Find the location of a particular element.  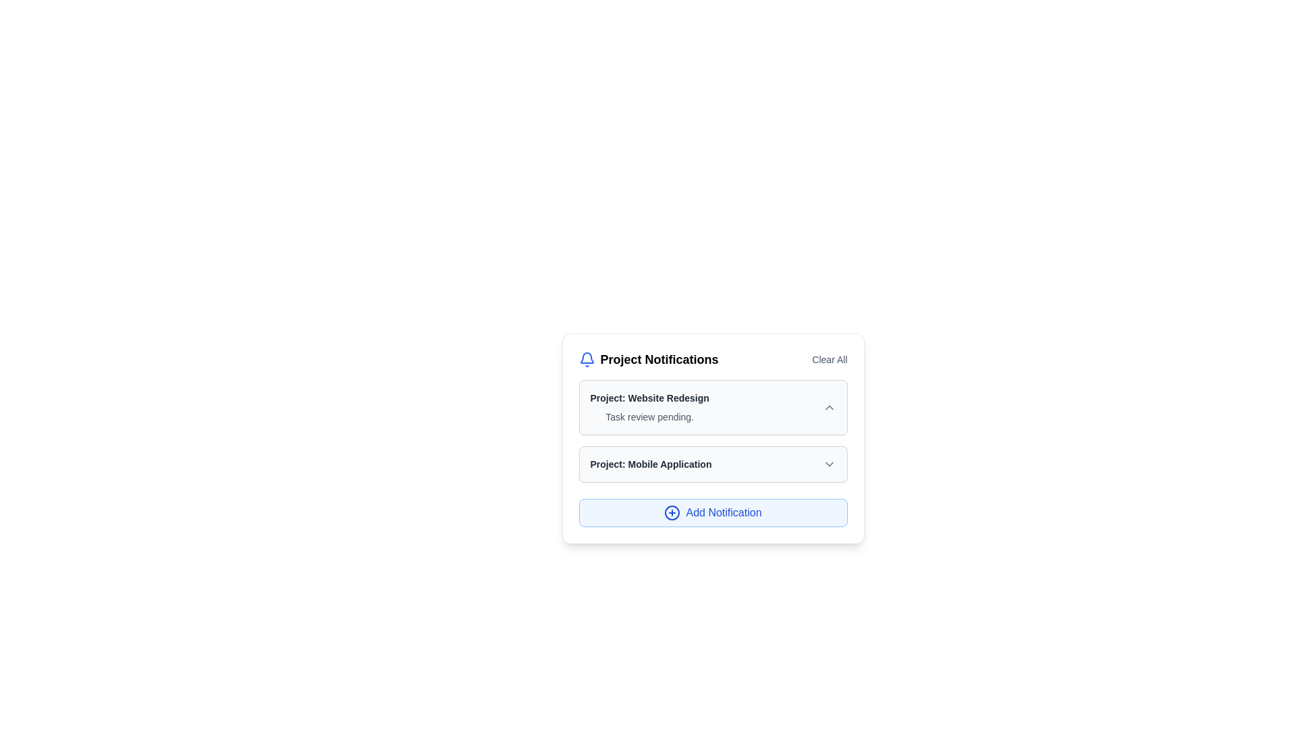

the 'Add Notification' button, which has a light blue background and rounded corners, to change its background color as per the hover styling is located at coordinates (712, 512).